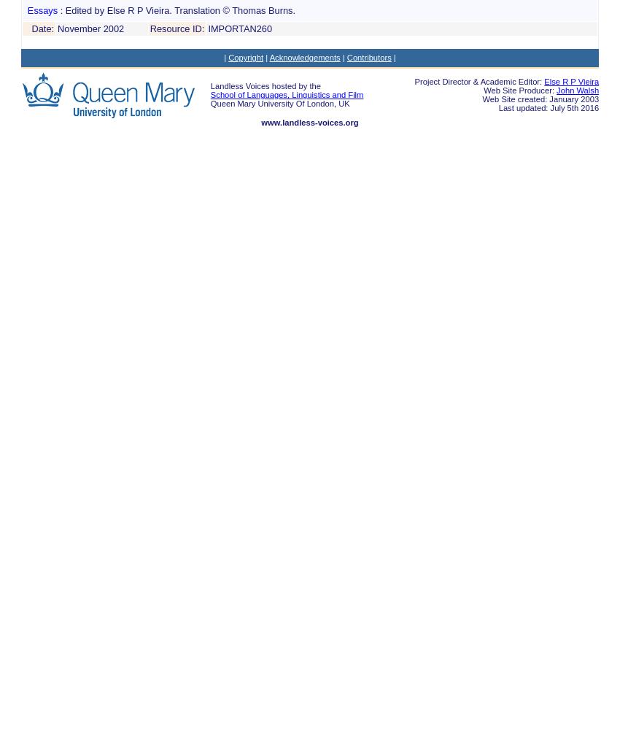 The height and width of the screenshot is (730, 620). Describe the element at coordinates (177, 28) in the screenshot. I see `'Resource ID:'` at that location.